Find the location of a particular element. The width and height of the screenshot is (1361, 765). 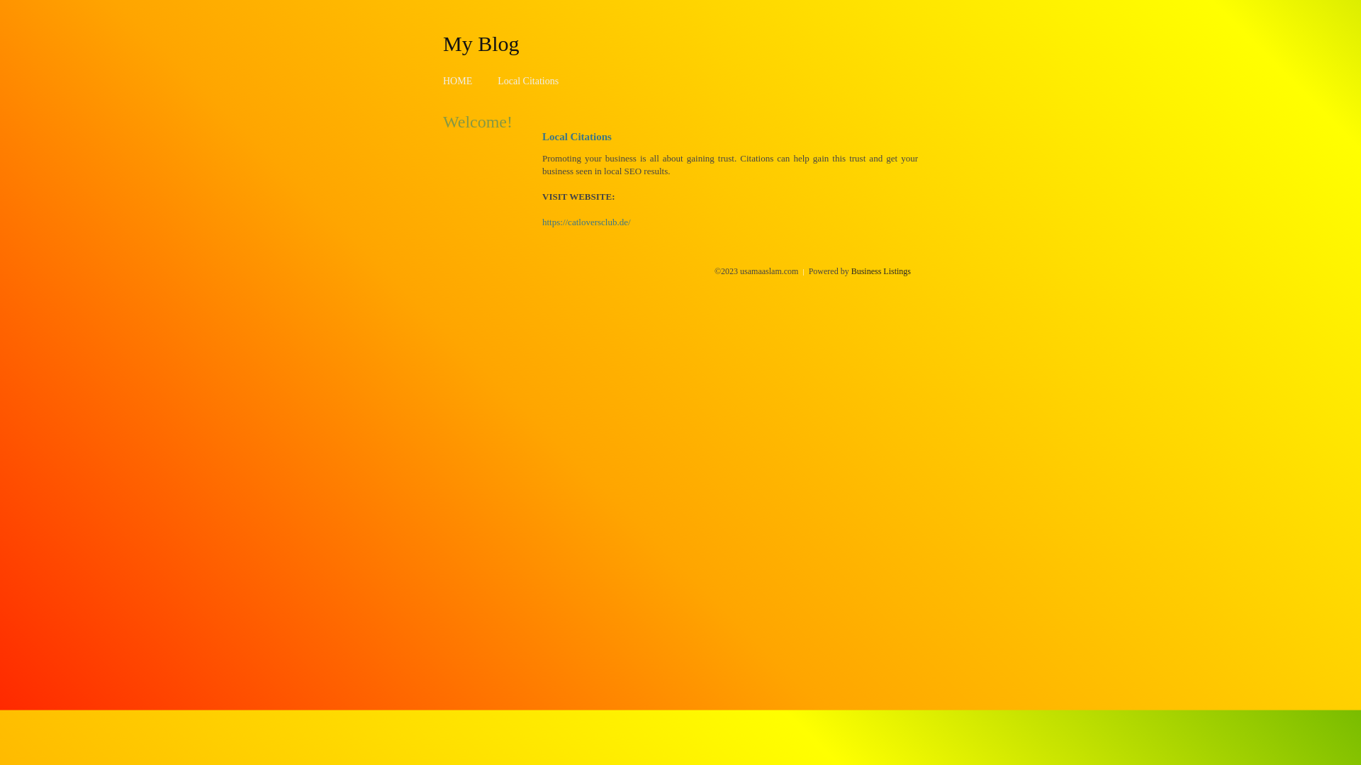

'HOME' is located at coordinates (457, 81).